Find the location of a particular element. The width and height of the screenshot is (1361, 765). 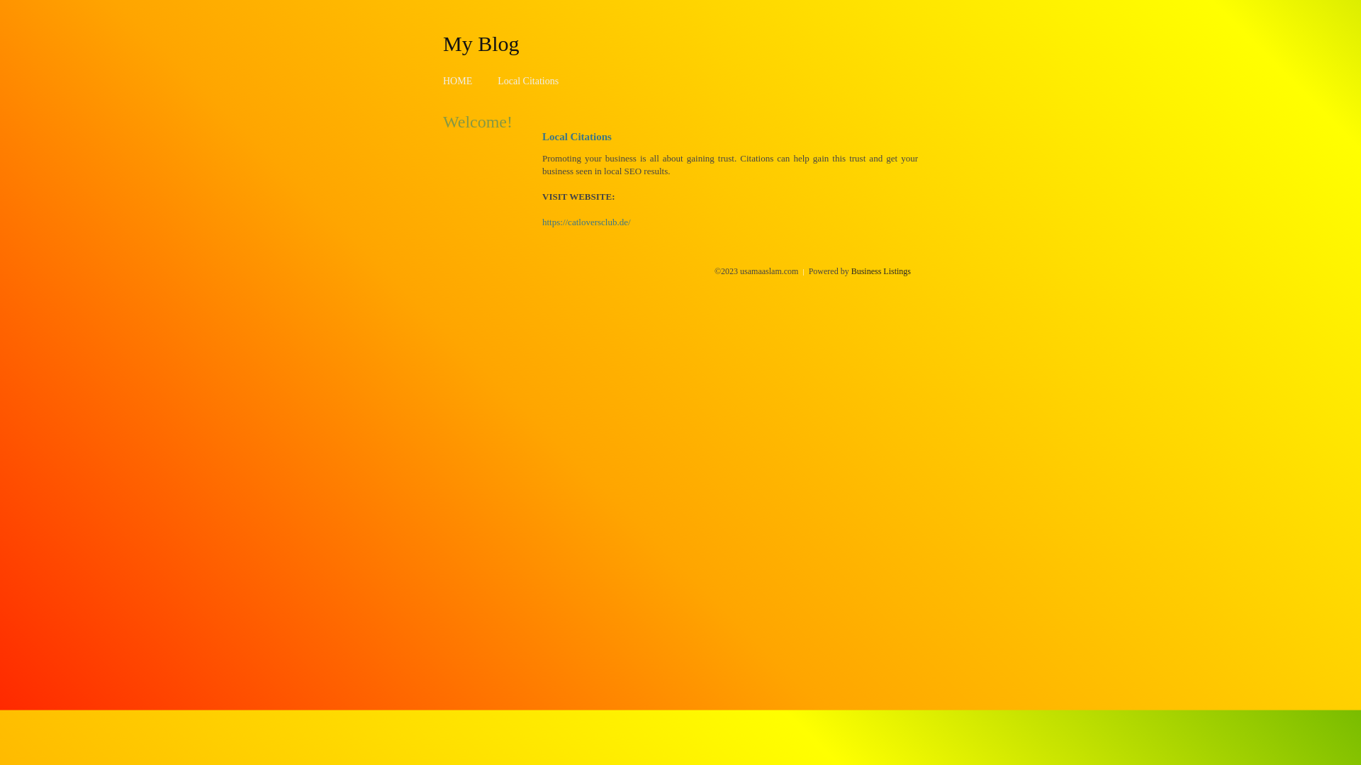

'HOME' is located at coordinates (457, 81).